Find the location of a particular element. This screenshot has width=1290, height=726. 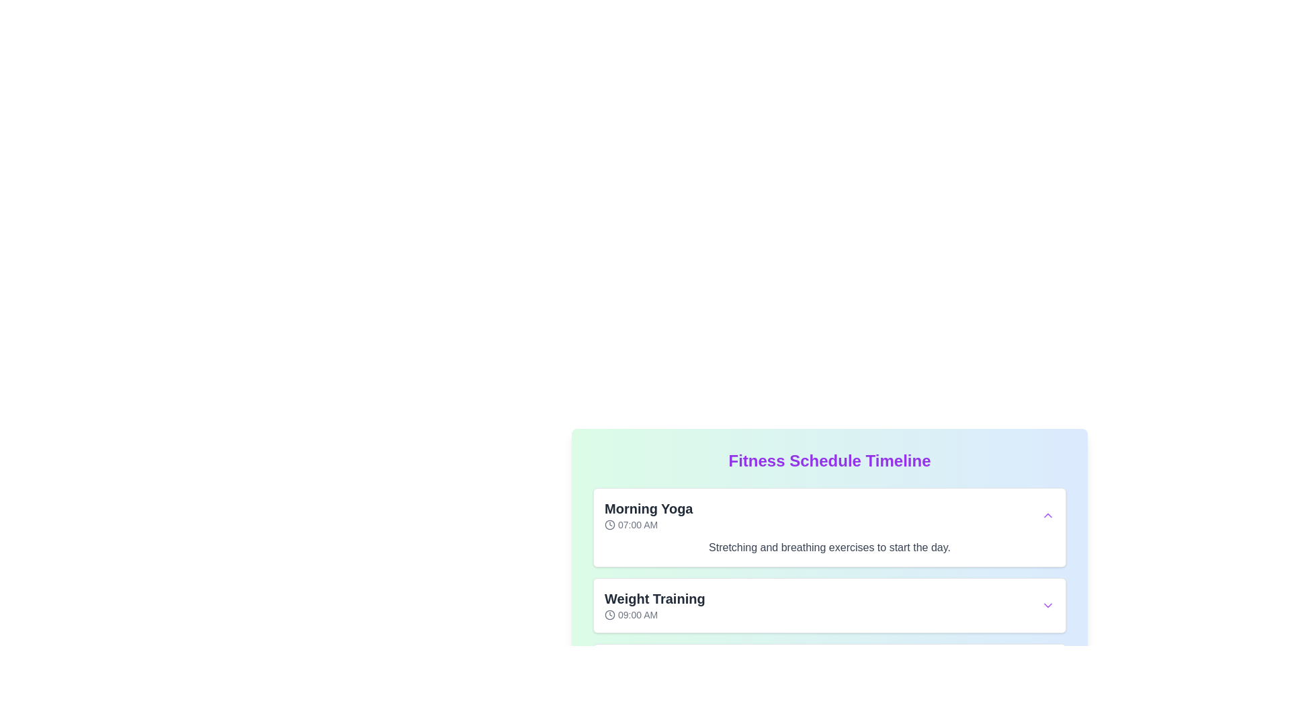

the graphical clock icon representing the time for the 'Morning Yoga' schedule item, which is located near the '07:00 AM' label is located at coordinates (609, 524).